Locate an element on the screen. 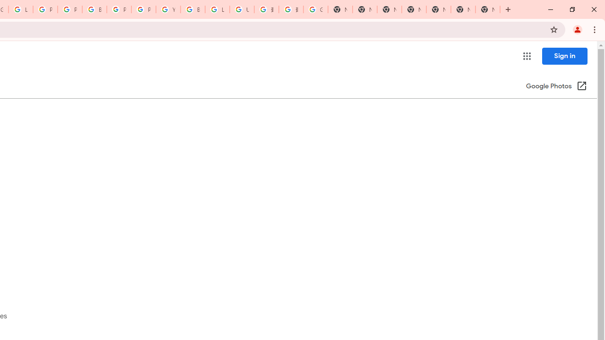  'Chrome' is located at coordinates (595, 29).